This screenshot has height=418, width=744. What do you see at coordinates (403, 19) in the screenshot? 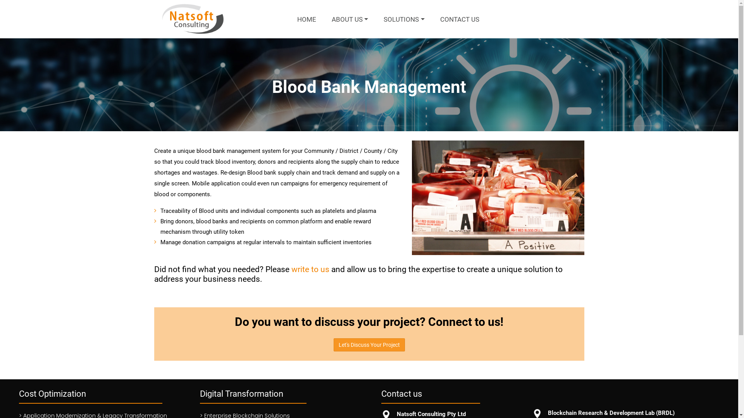
I see `'SOLUTIONS'` at bounding box center [403, 19].